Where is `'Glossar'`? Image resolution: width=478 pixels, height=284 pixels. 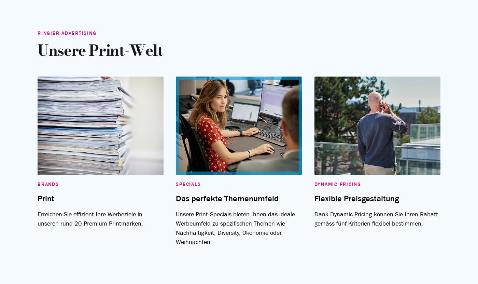
'Glossar' is located at coordinates (210, 182).